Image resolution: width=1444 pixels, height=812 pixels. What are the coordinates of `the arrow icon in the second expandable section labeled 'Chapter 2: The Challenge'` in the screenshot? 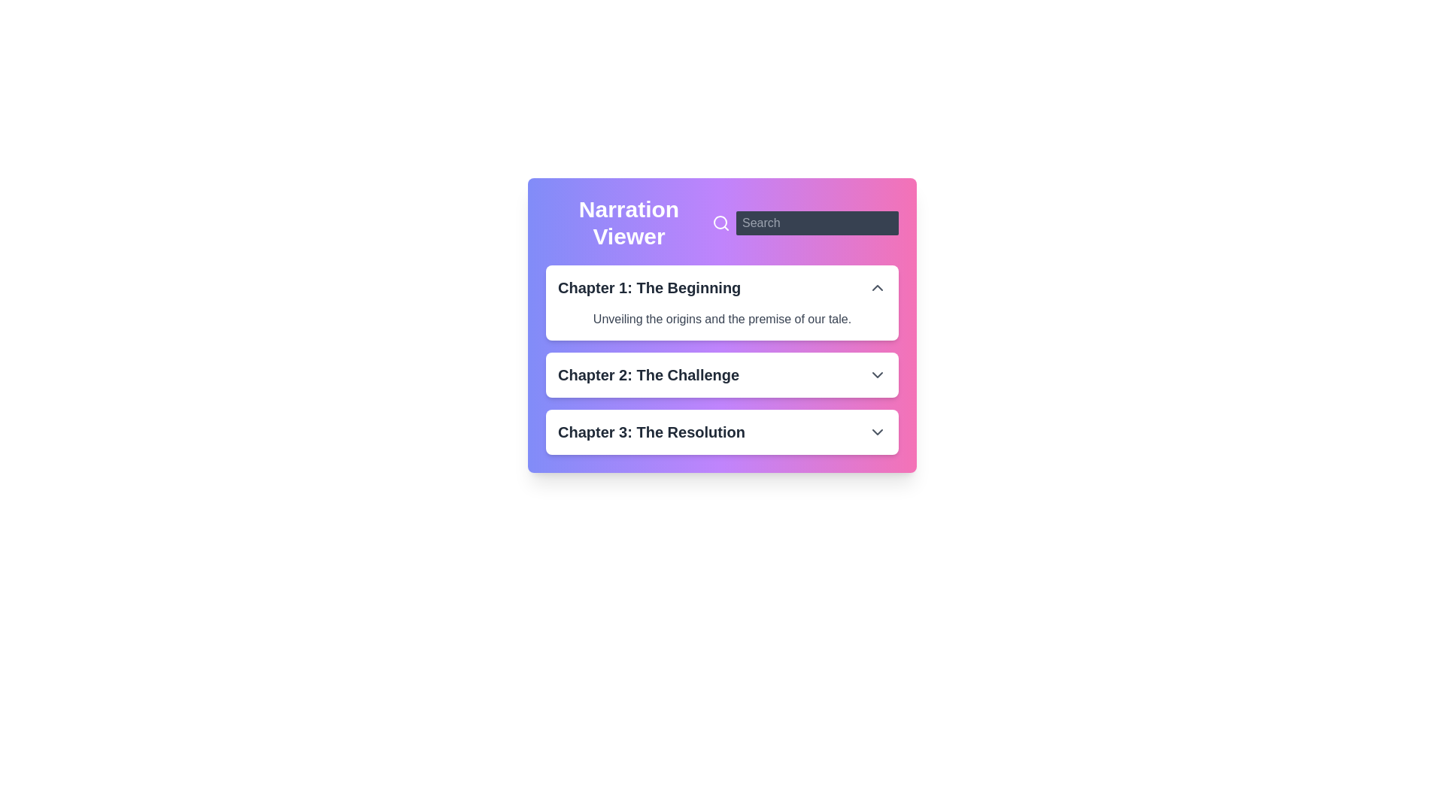 It's located at (722, 359).